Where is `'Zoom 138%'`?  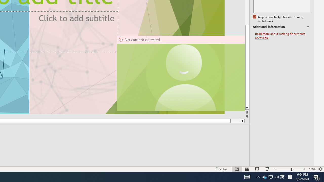
'Zoom 138%' is located at coordinates (312, 169).